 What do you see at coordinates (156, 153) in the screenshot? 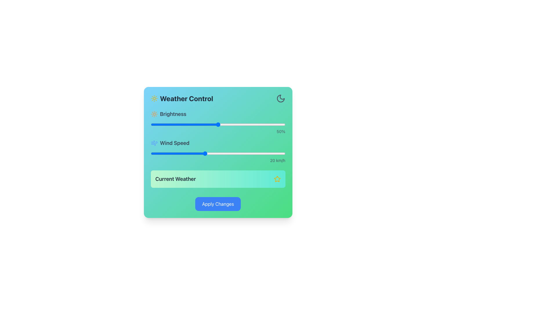
I see `the wind speed` at bounding box center [156, 153].